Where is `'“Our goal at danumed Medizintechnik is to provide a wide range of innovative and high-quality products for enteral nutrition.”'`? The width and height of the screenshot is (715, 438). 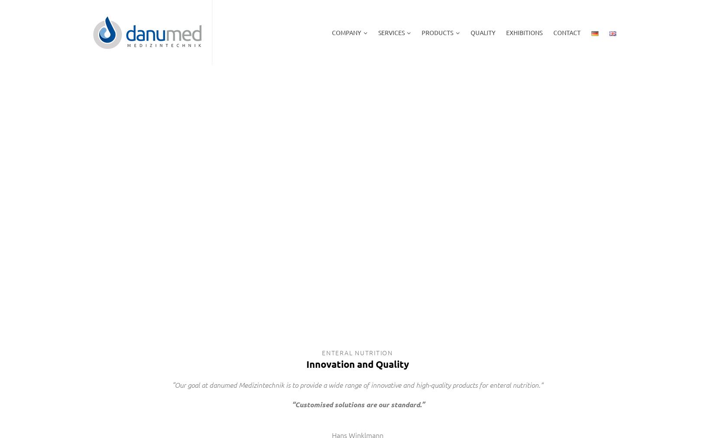
'“Our goal at danumed Medizintechnik is to provide a wide range of innovative and high-quality products for enteral nutrition.”' is located at coordinates (357, 384).